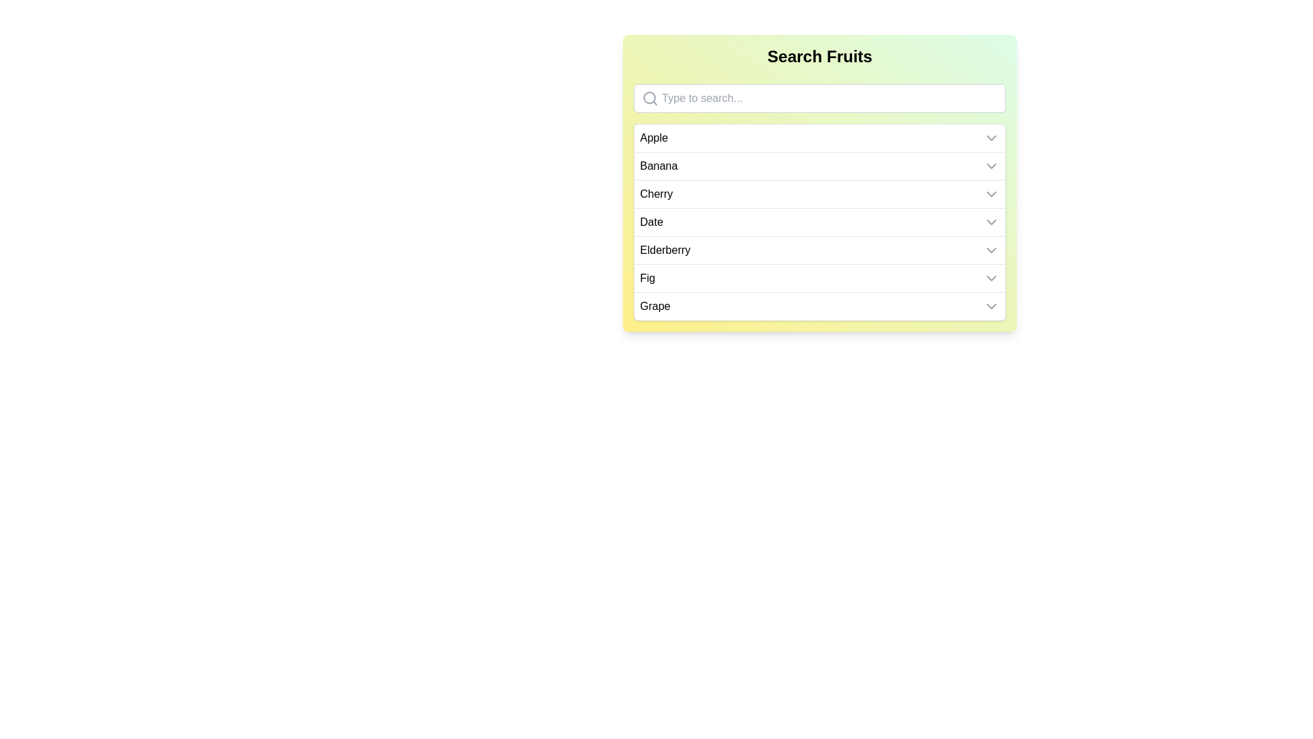 The width and height of the screenshot is (1313, 739). Describe the element at coordinates (656, 194) in the screenshot. I see `the 'Cherry' text label` at that location.